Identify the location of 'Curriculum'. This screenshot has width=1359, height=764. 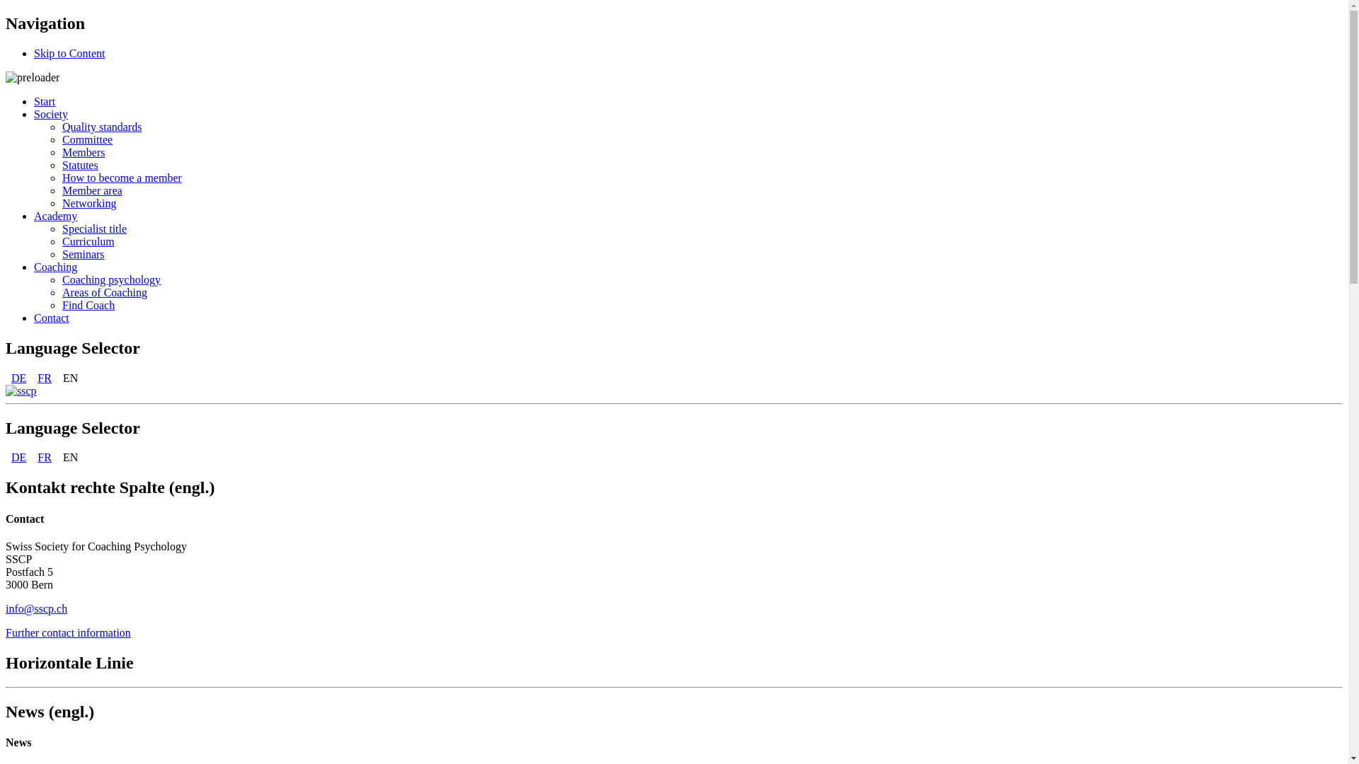
(87, 241).